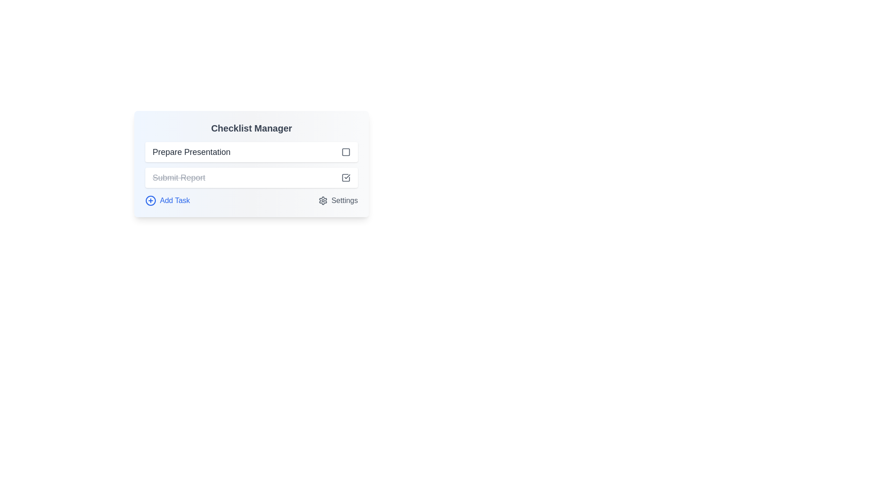 This screenshot has width=880, height=495. What do you see at coordinates (151, 200) in the screenshot?
I see `the Iconography - Circle outline located in the lower-left corner of the checklist interface, which is part of the 'Add Task' button` at bounding box center [151, 200].